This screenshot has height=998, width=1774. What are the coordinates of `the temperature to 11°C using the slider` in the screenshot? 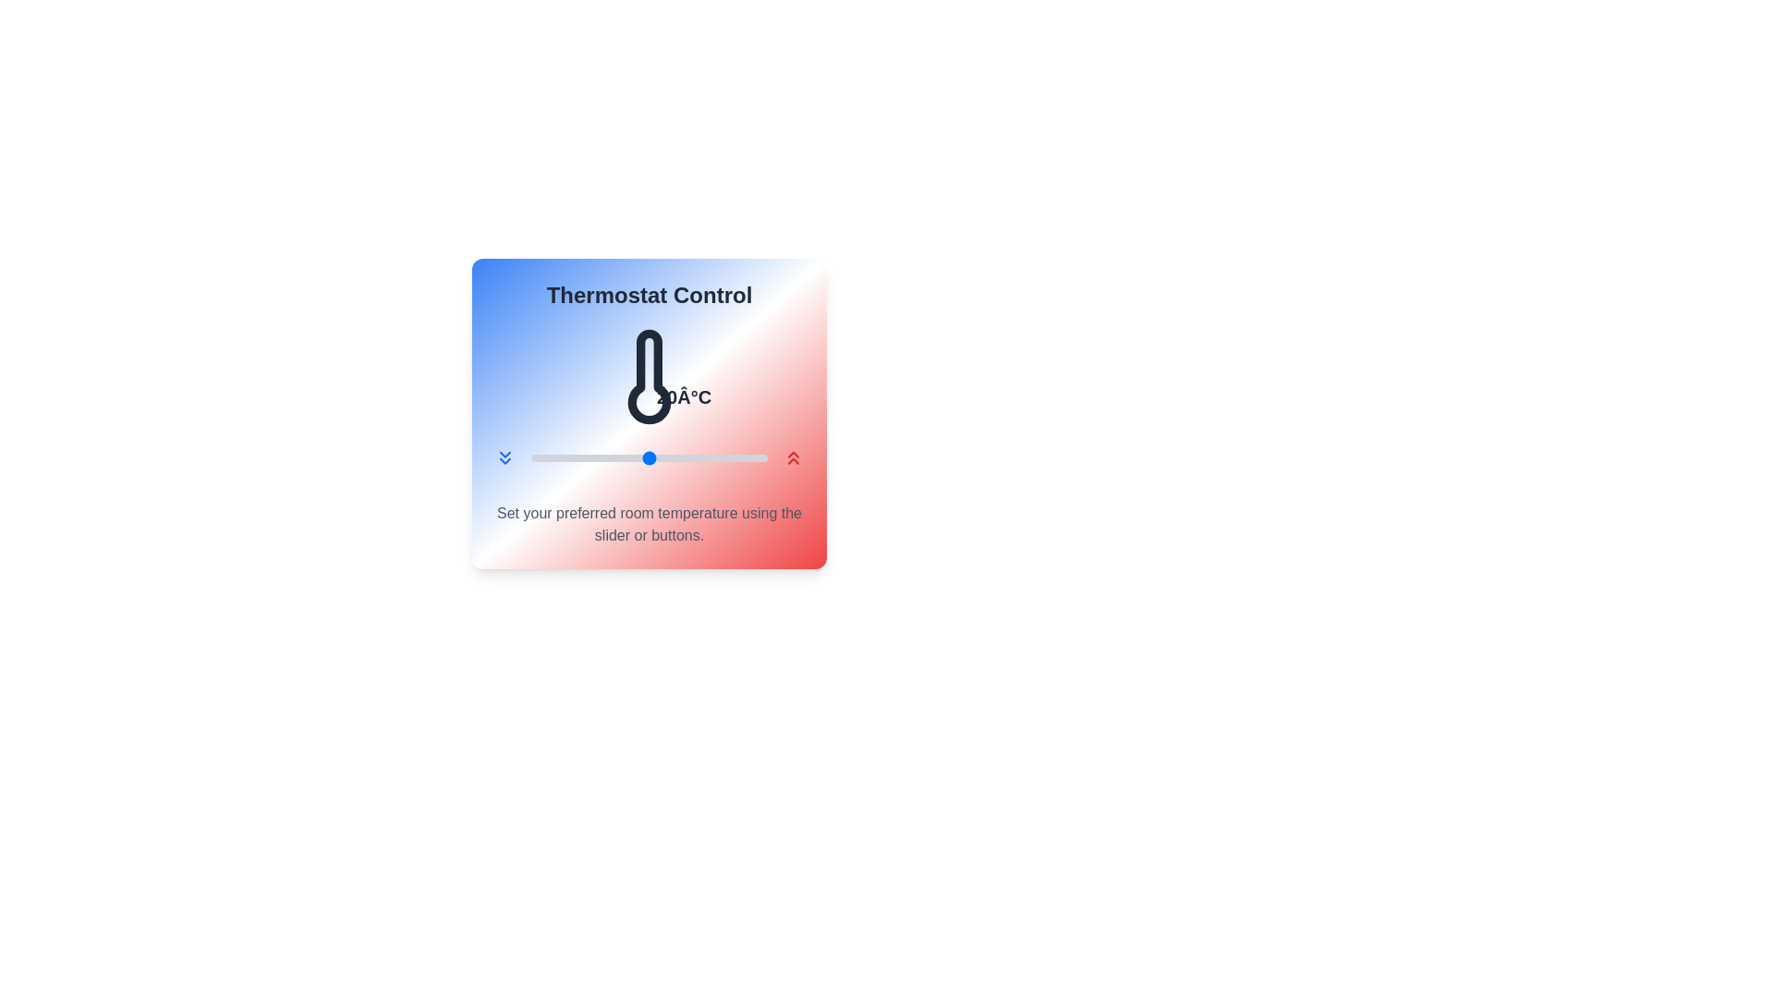 It's located at (542, 457).